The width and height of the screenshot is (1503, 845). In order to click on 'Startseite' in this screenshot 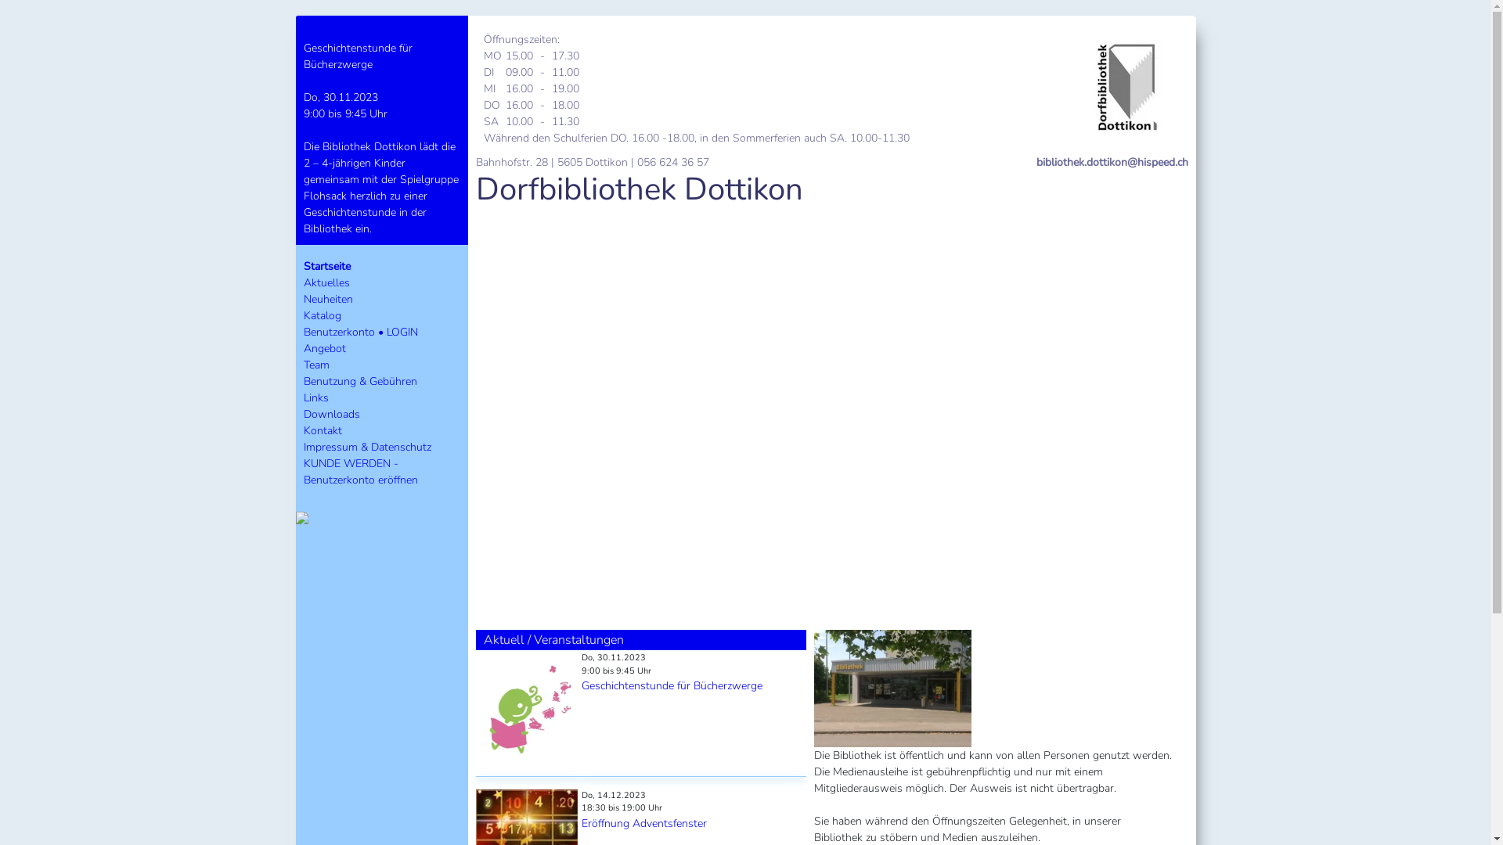, I will do `click(326, 265)`.